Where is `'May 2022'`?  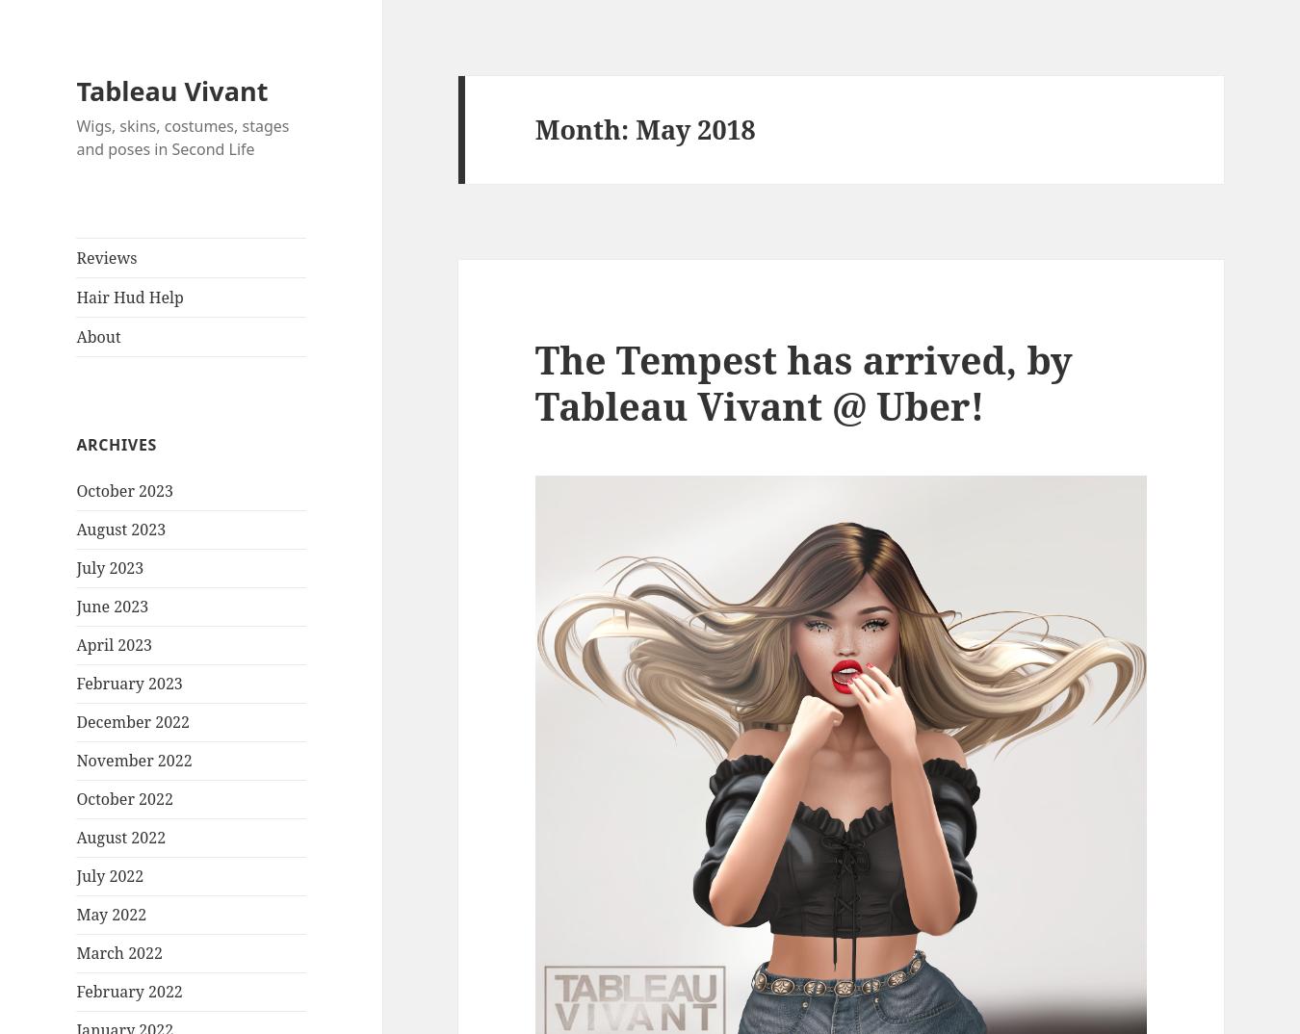
'May 2022' is located at coordinates (111, 914).